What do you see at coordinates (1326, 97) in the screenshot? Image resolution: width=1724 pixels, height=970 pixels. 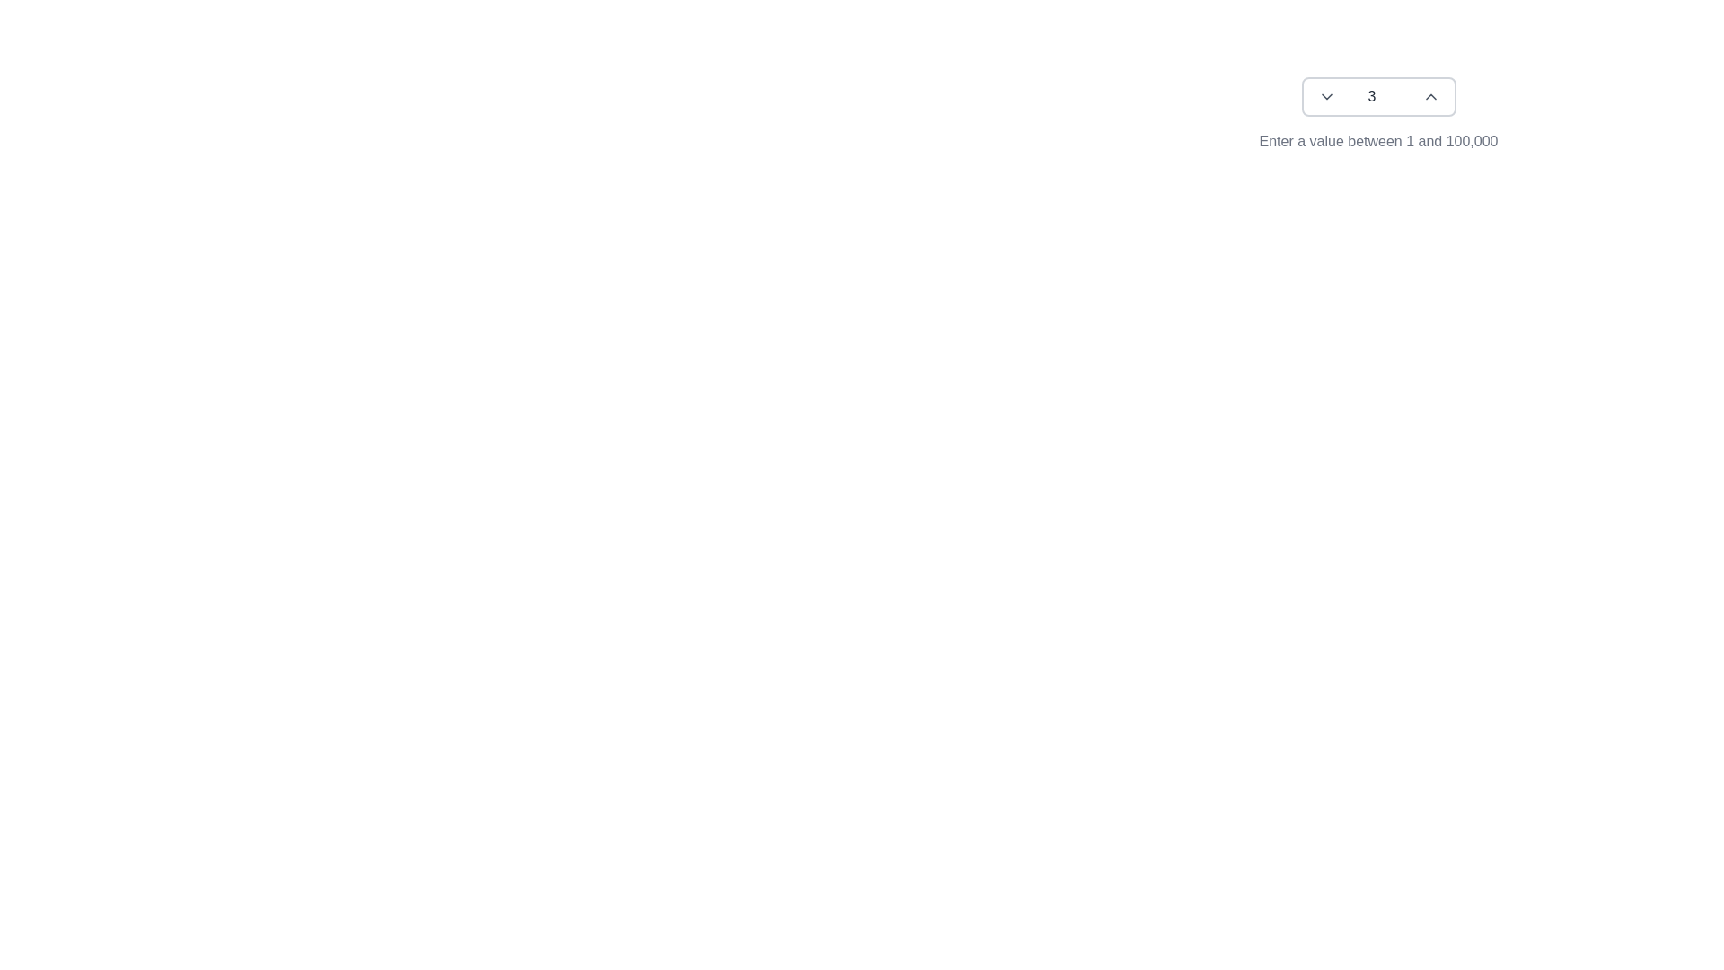 I see `the downward-facing chevron icon representing the dropdown trigger` at bounding box center [1326, 97].